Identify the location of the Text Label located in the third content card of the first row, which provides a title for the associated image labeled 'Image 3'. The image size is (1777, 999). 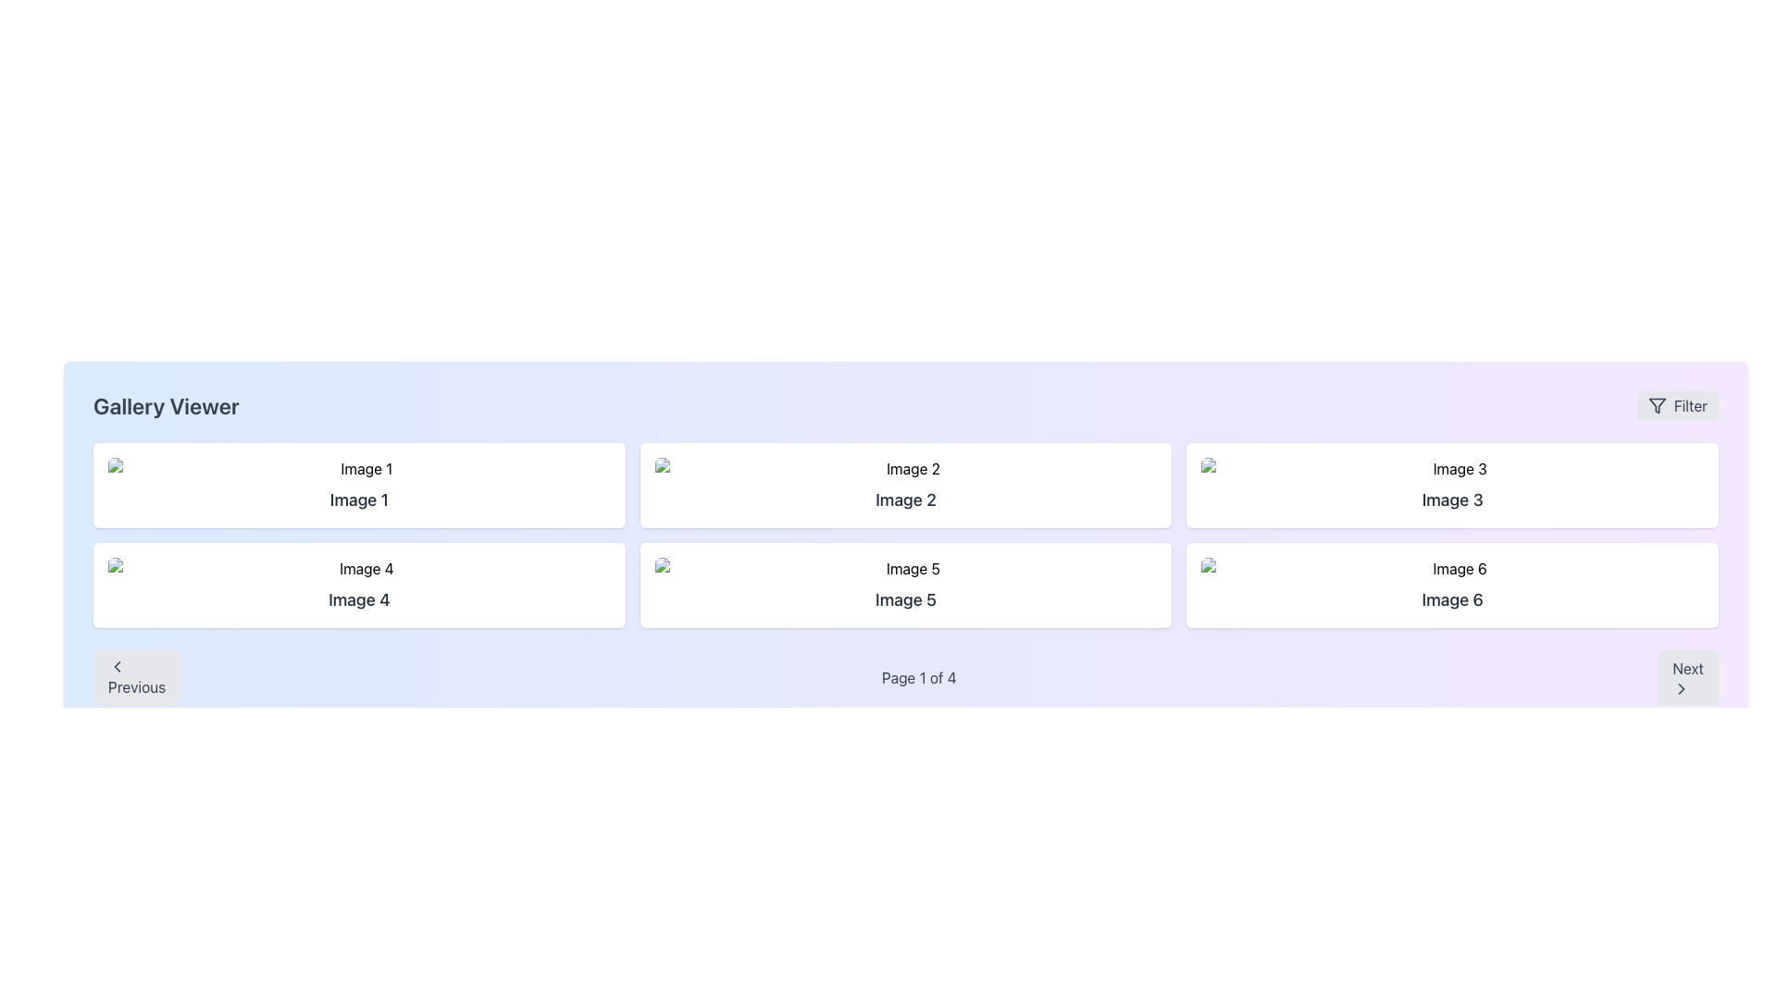
(1451, 499).